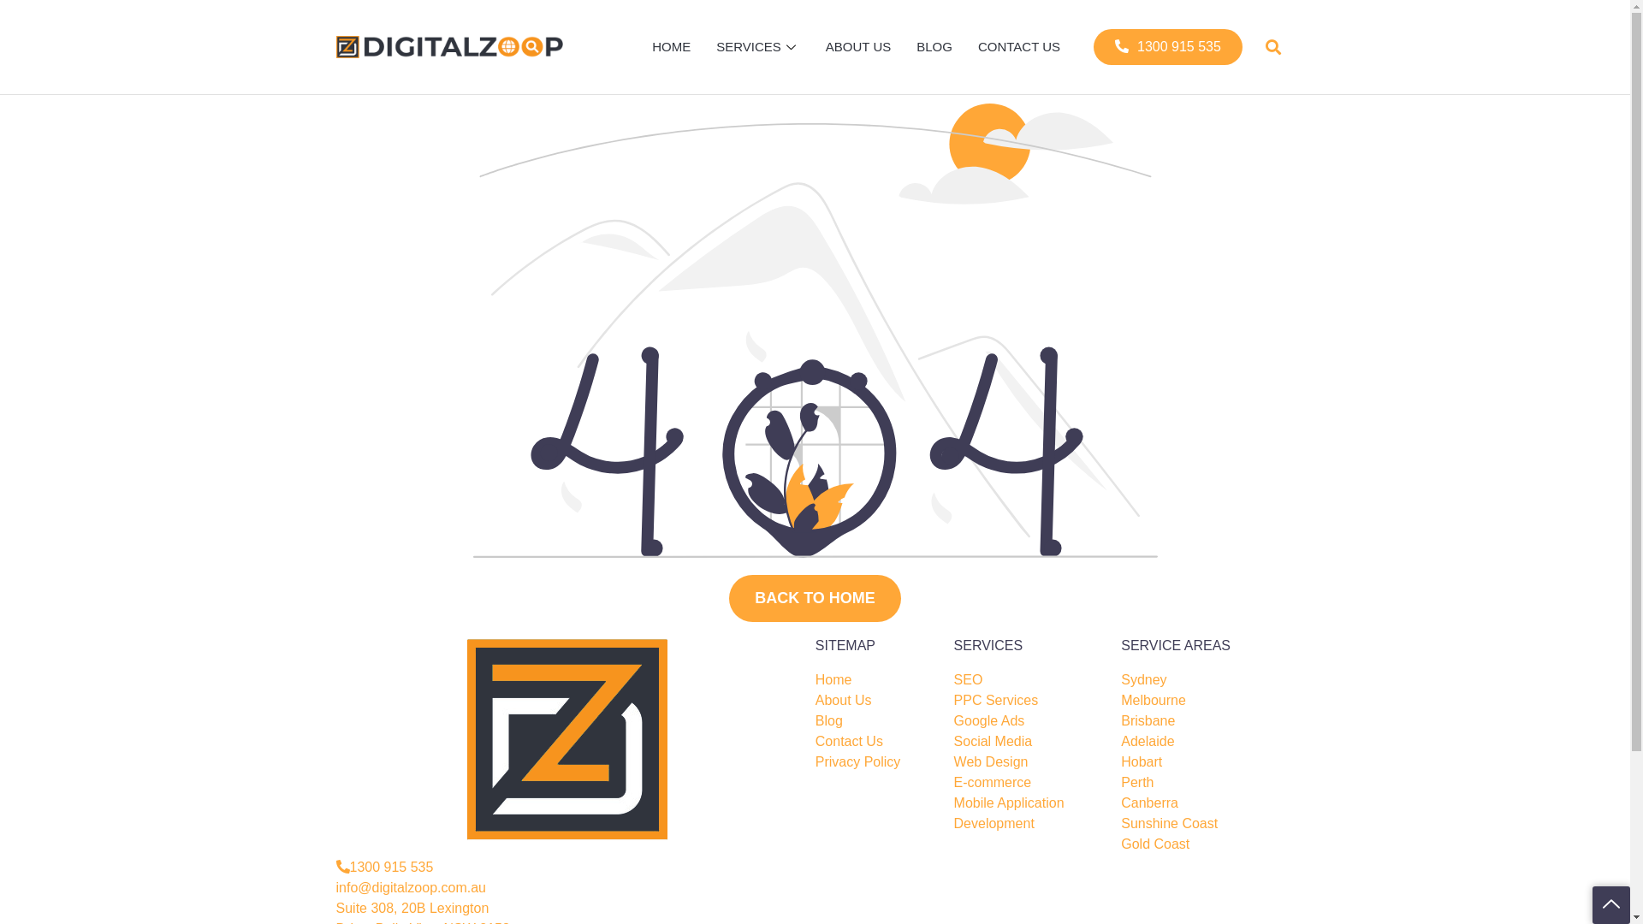 The height and width of the screenshot is (924, 1643). Describe the element at coordinates (1148, 721) in the screenshot. I see `'Brisbane'` at that location.